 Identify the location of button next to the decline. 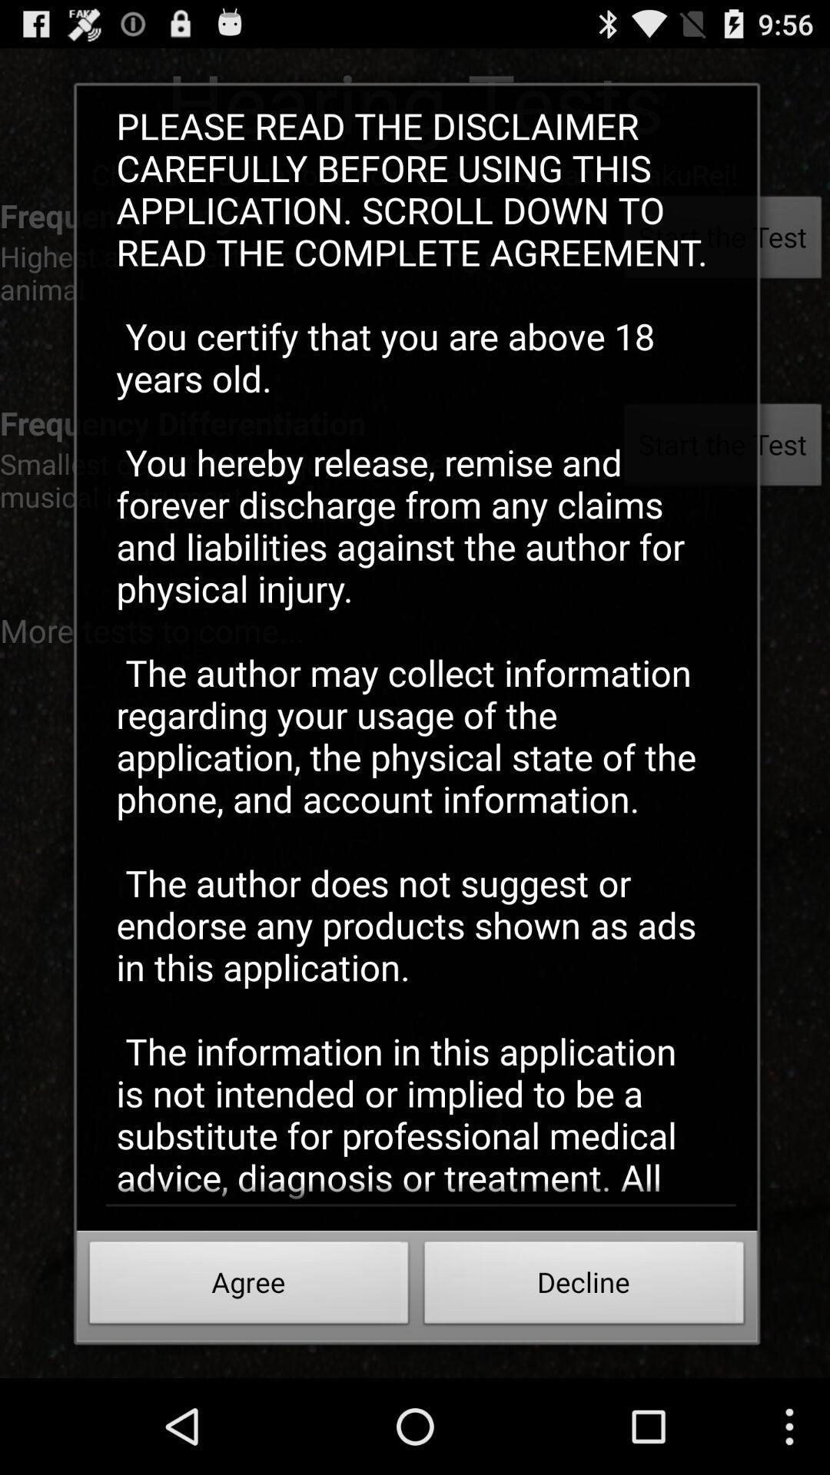
(248, 1287).